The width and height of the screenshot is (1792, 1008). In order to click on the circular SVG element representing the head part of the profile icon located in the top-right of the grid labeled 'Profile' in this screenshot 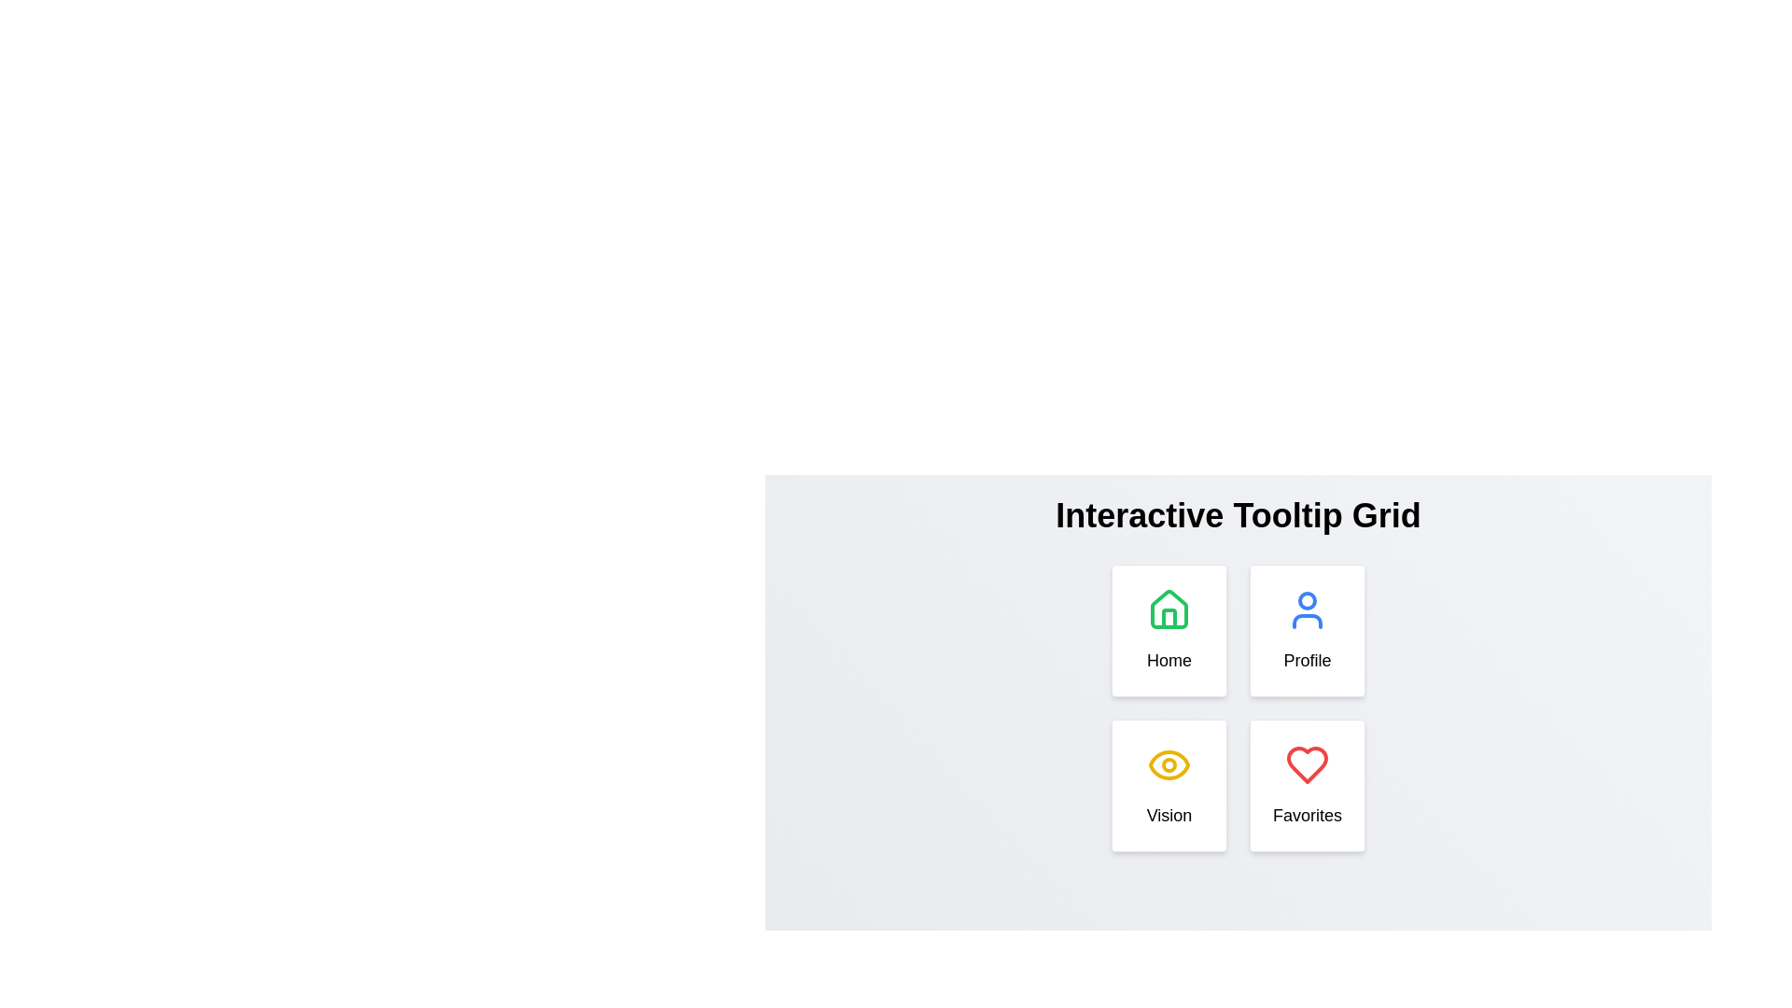, I will do `click(1307, 601)`.